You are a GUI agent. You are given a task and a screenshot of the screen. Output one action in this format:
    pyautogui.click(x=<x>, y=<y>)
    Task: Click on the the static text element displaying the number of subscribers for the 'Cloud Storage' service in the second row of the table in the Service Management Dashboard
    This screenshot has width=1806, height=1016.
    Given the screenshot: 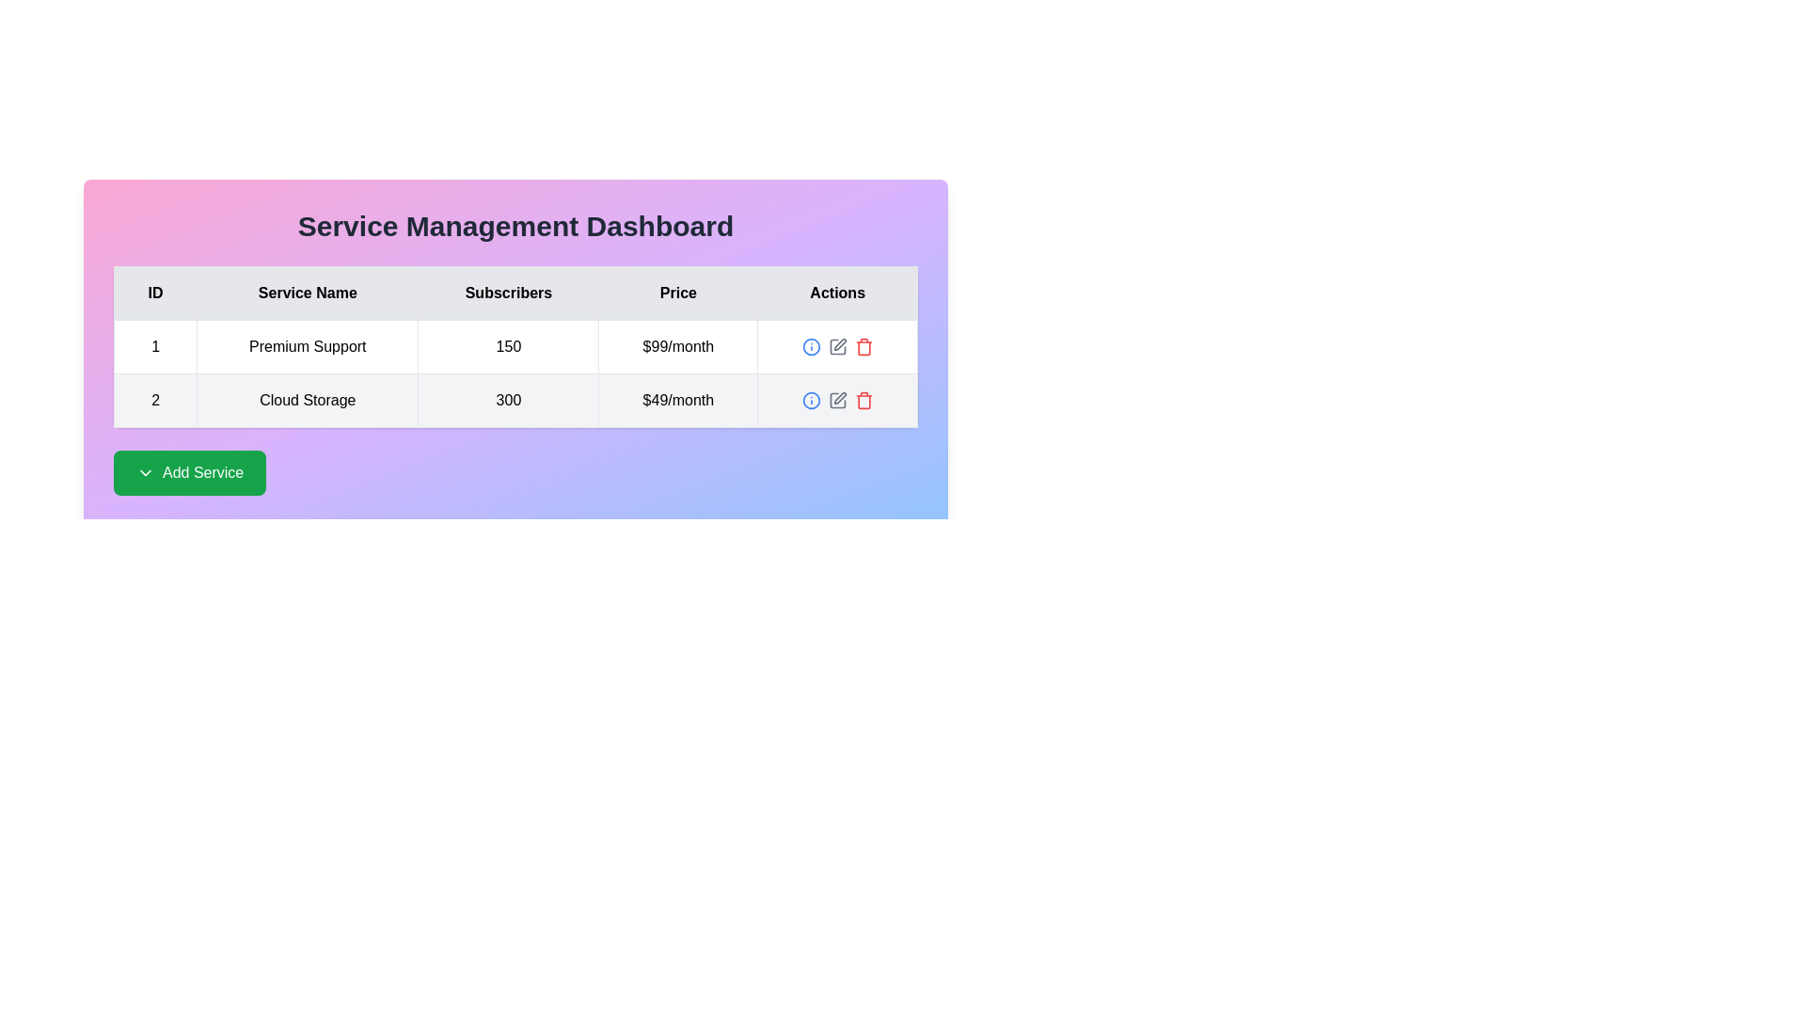 What is the action you would take?
    pyautogui.click(x=508, y=399)
    